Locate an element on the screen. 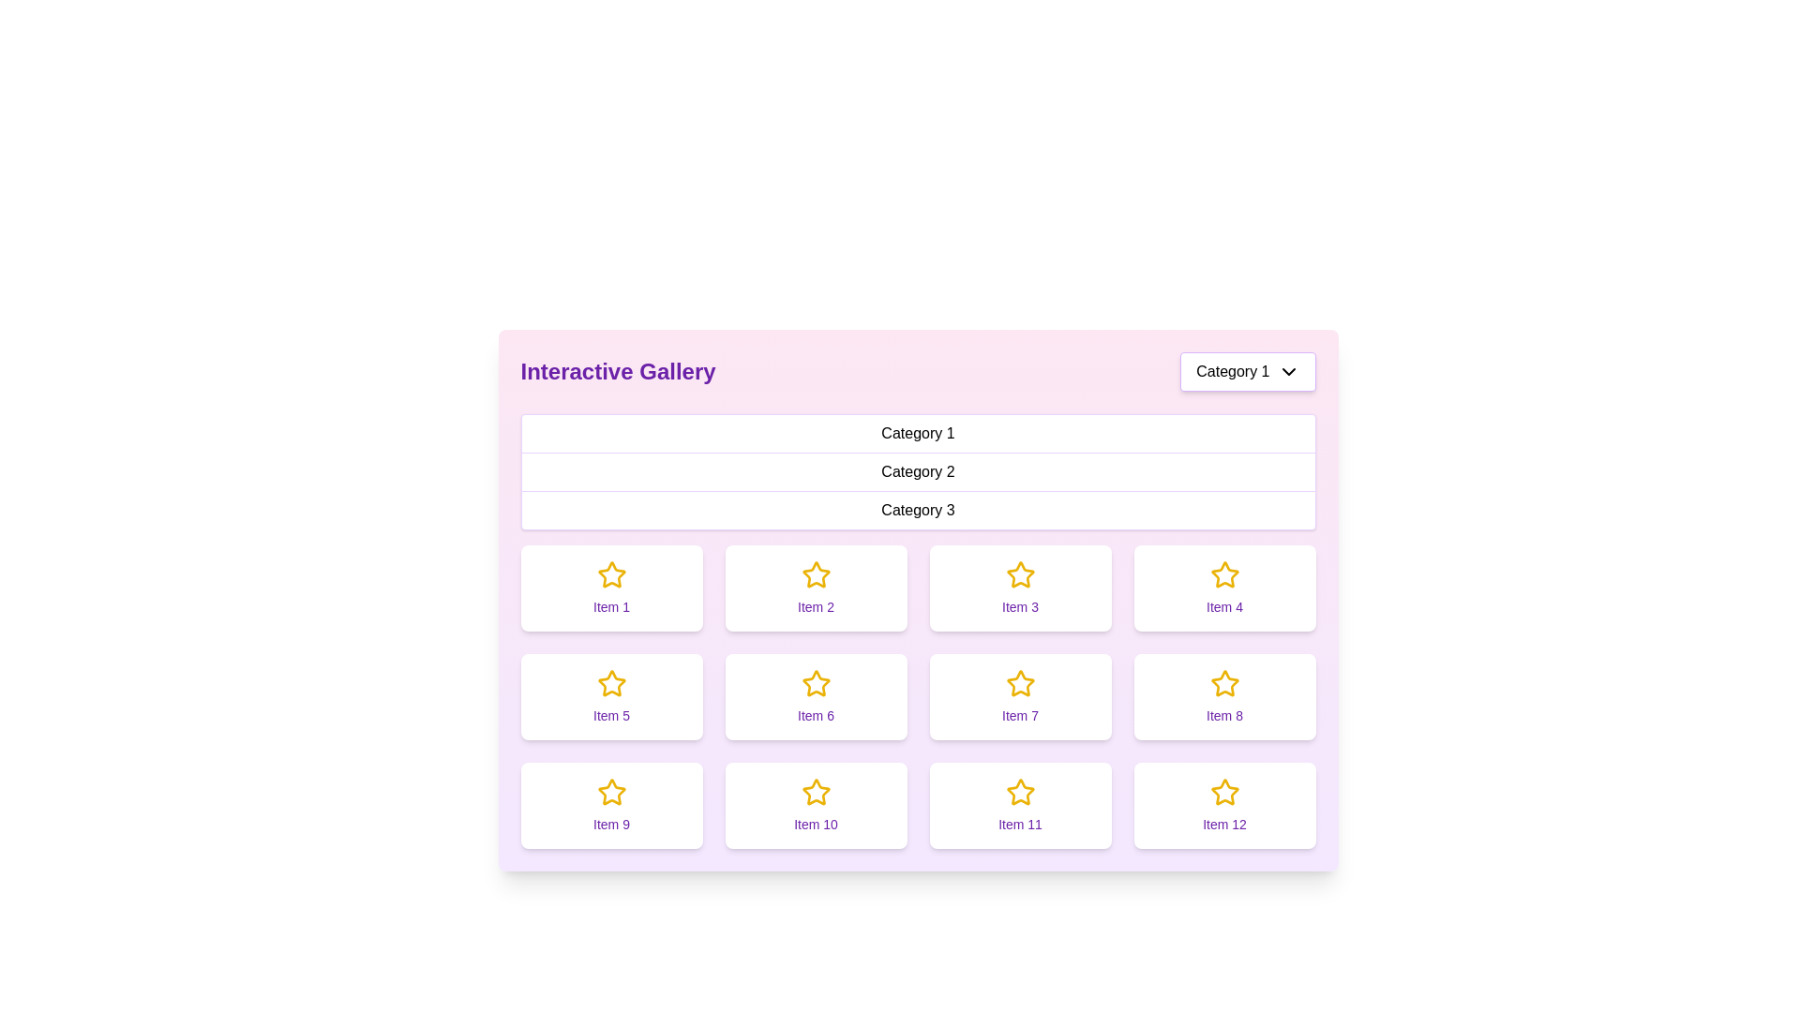 This screenshot has width=1800, height=1012. the prominent yellow star icon with a hollow center located at the center-top of the 'Item 10' card is located at coordinates (816, 792).